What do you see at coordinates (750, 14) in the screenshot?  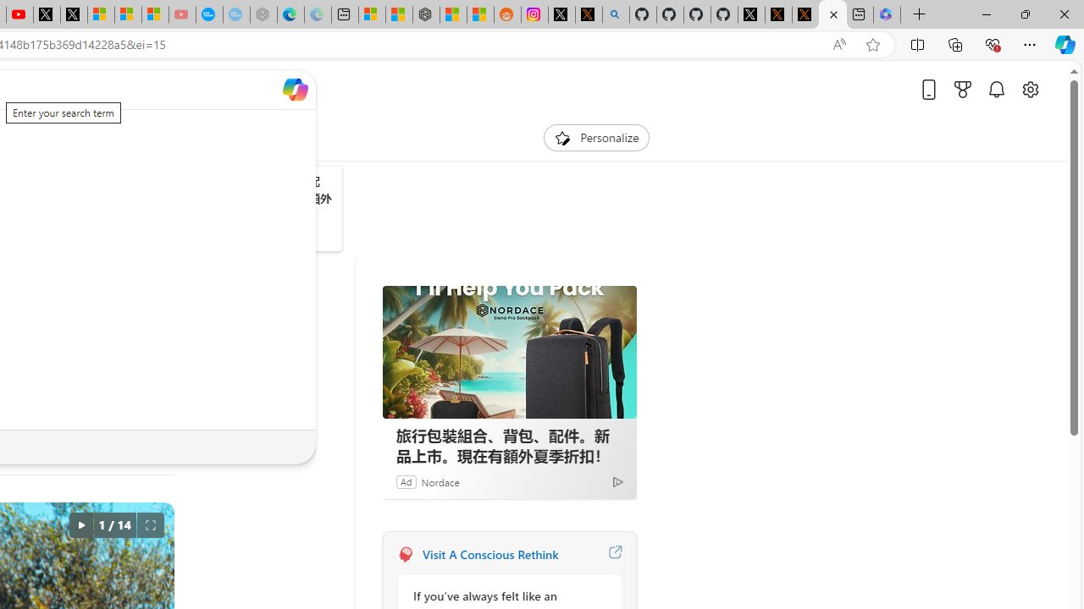 I see `'Profile / X'` at bounding box center [750, 14].